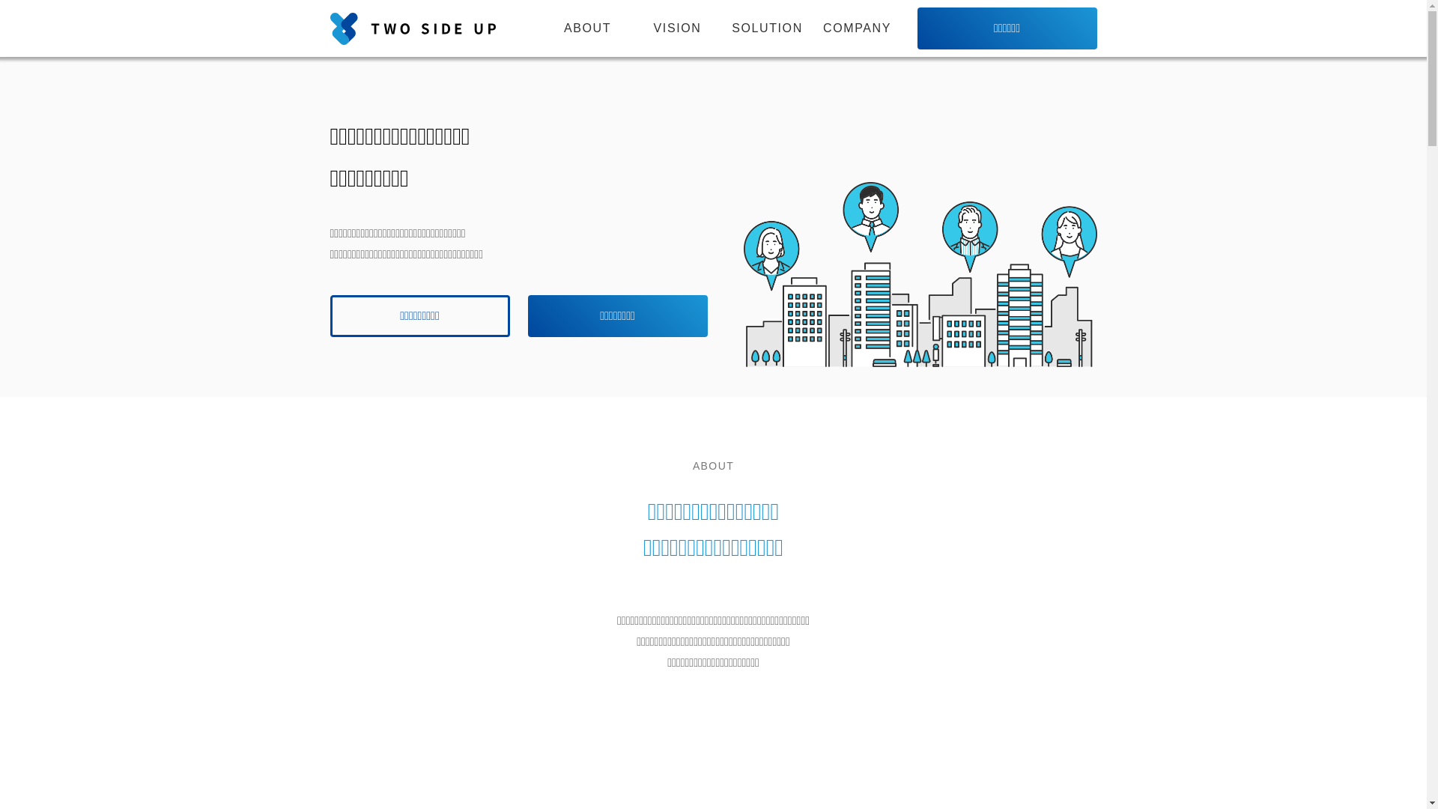 This screenshot has width=1438, height=809. I want to click on 'COMPANY', so click(856, 28).